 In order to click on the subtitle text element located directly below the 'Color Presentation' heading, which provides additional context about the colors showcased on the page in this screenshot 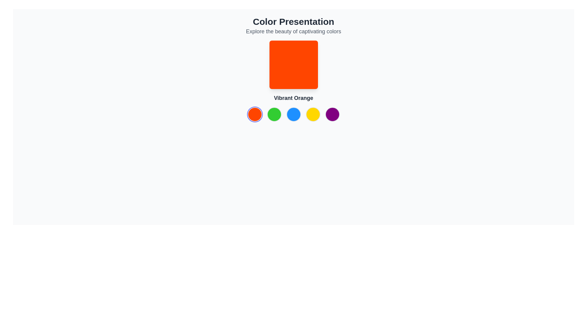, I will do `click(293, 31)`.